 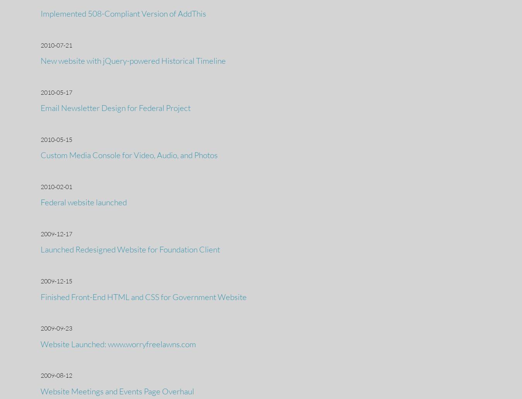 What do you see at coordinates (56, 91) in the screenshot?
I see `'2010-05-17'` at bounding box center [56, 91].